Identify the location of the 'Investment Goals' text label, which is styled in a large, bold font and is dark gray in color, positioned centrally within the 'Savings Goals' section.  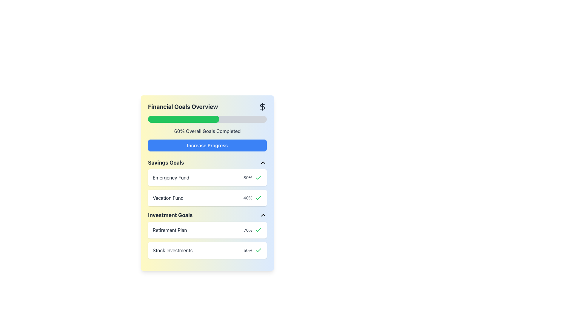
(170, 215).